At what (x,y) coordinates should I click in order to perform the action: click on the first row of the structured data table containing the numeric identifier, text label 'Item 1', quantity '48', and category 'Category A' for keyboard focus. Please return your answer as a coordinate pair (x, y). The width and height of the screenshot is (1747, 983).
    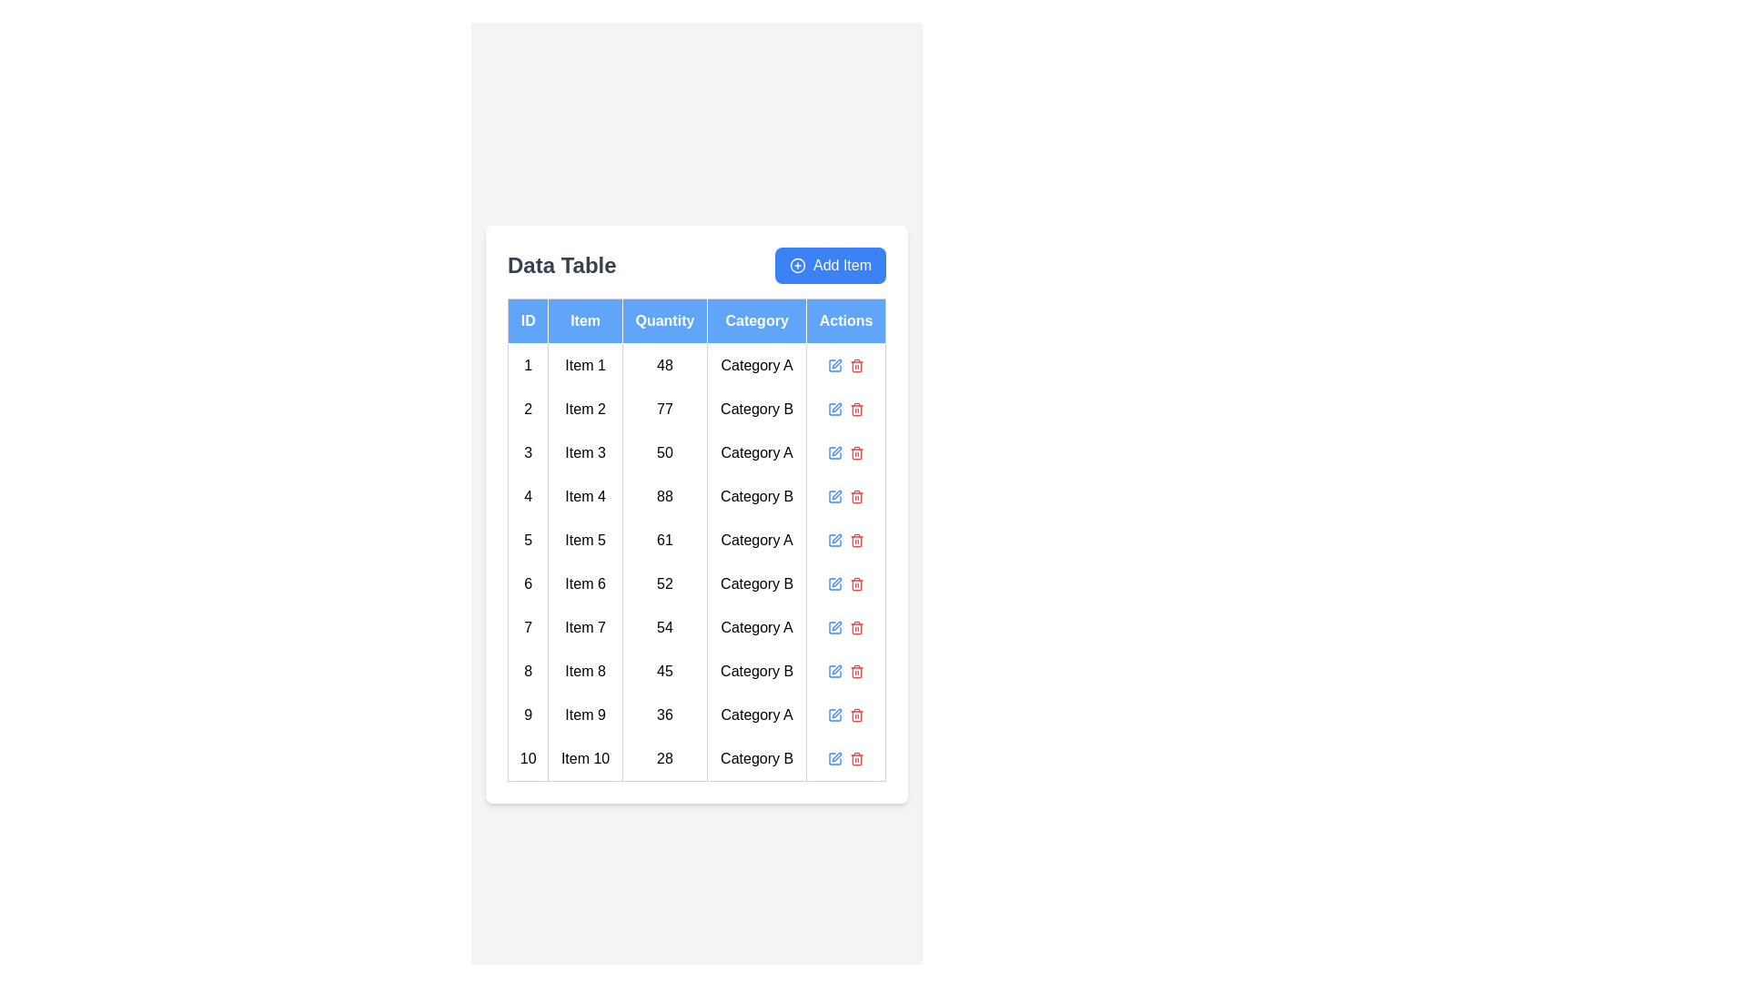
    Looking at the image, I should click on (696, 365).